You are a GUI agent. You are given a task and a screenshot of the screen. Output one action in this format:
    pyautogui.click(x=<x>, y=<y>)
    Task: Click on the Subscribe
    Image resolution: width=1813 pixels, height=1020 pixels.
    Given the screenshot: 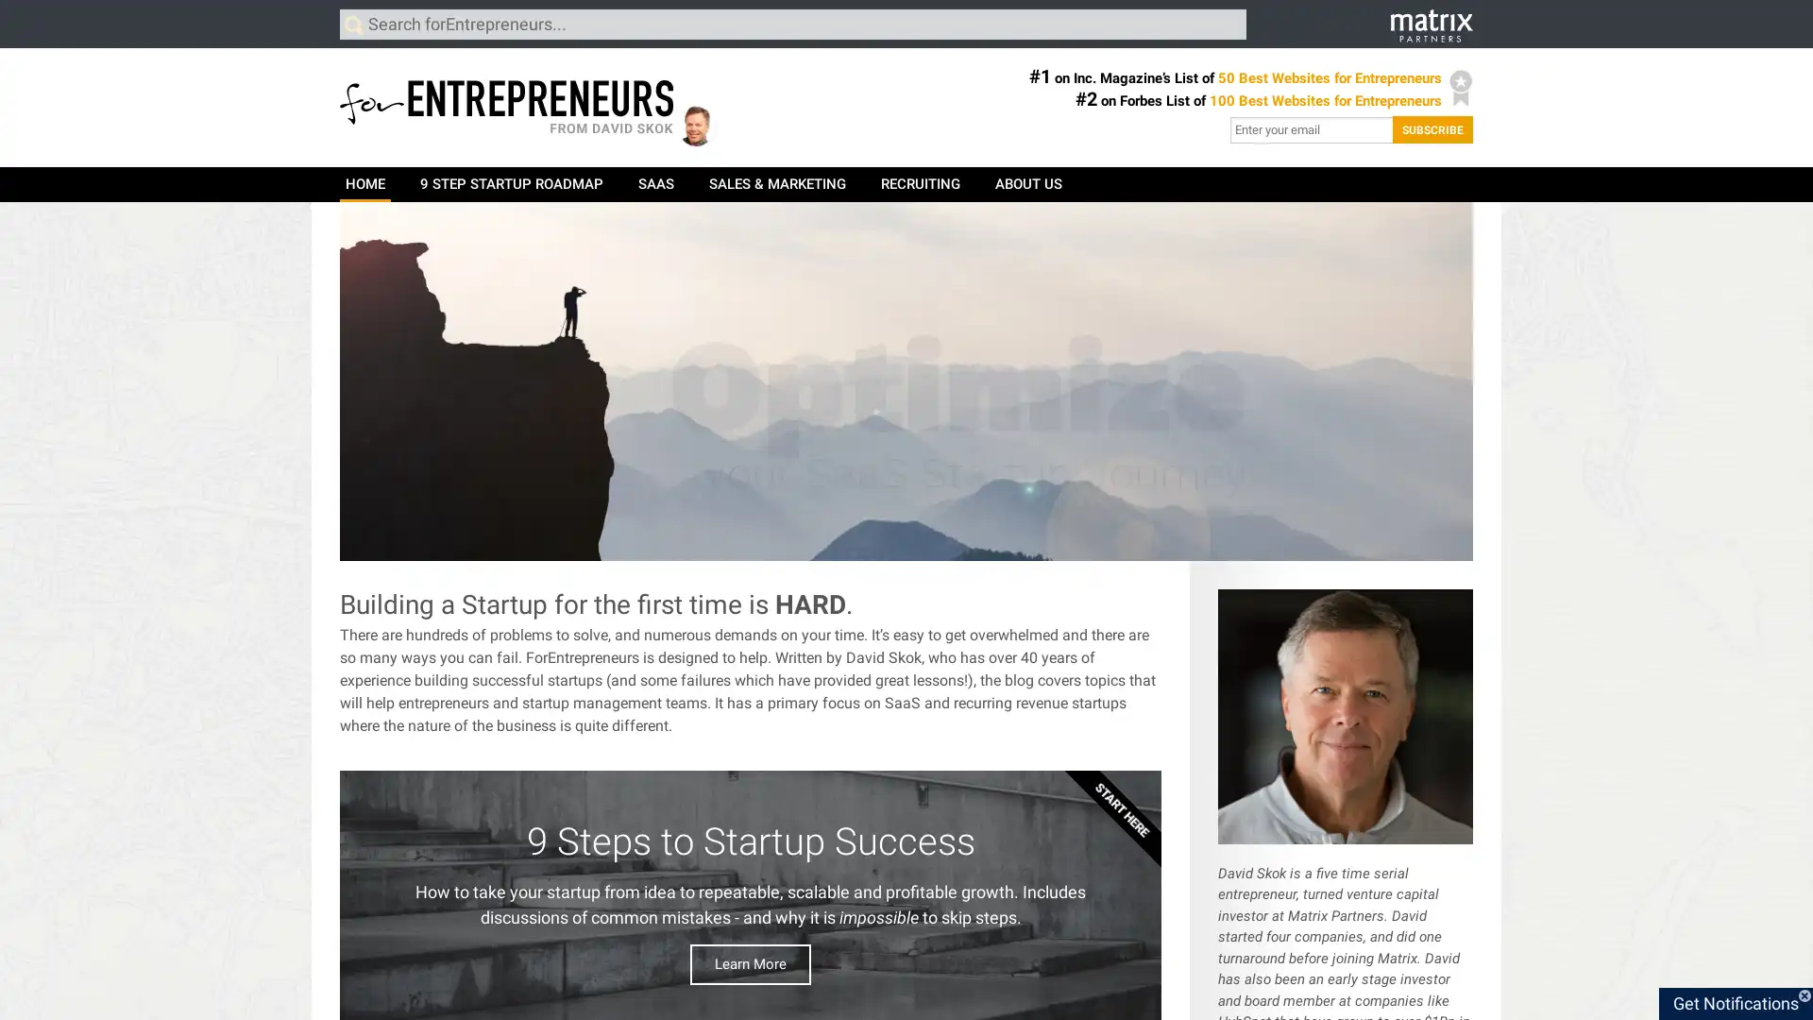 What is the action you would take?
    pyautogui.click(x=1432, y=128)
    